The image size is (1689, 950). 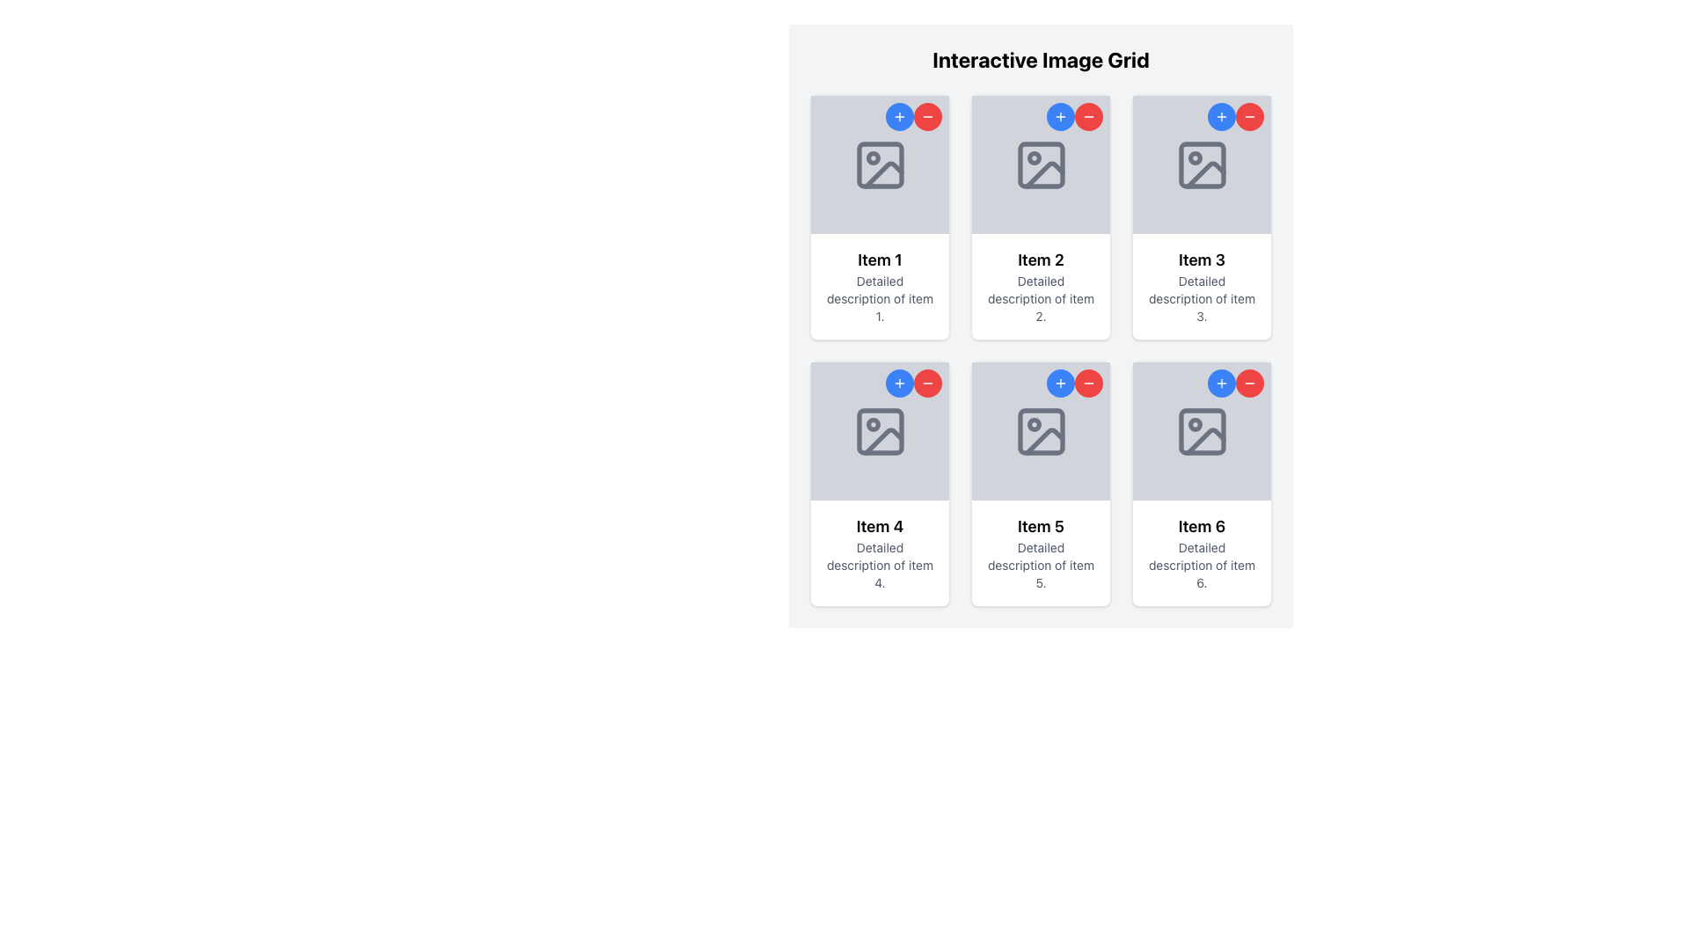 I want to click on the blue '+' button located in the upper-right corner of the 'Item 3' card, so click(x=1235, y=116).